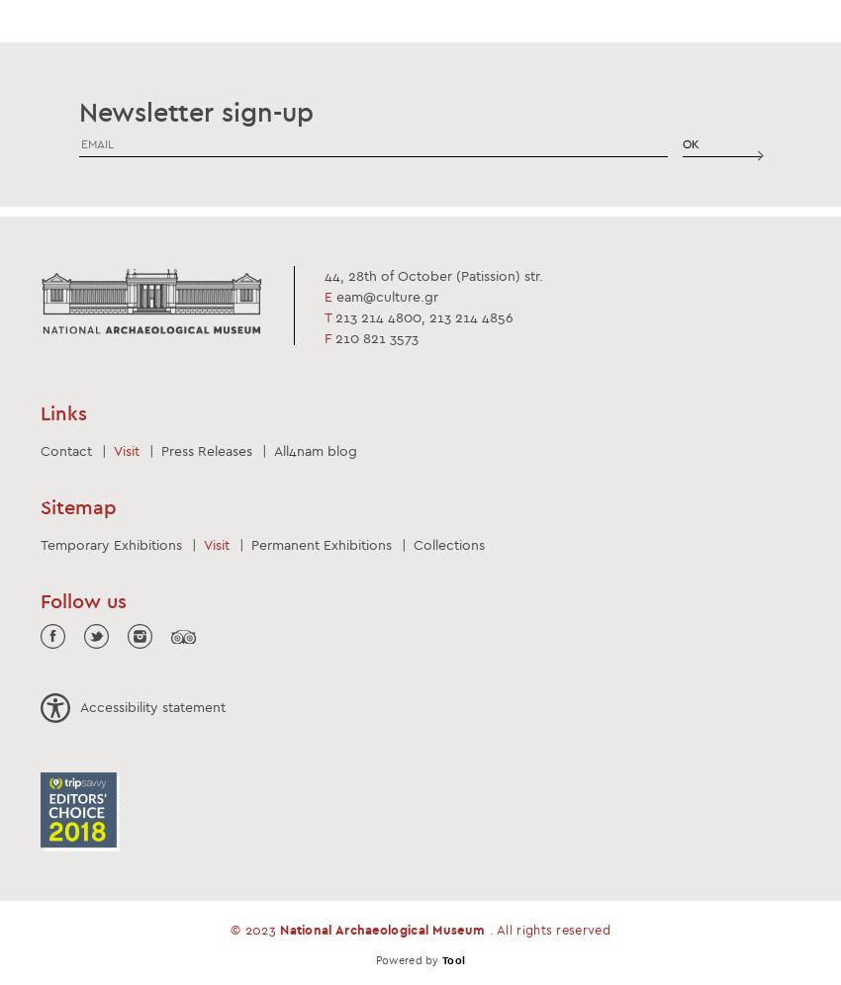 The image size is (841, 985). What do you see at coordinates (206, 449) in the screenshot?
I see `'Press Releases'` at bounding box center [206, 449].